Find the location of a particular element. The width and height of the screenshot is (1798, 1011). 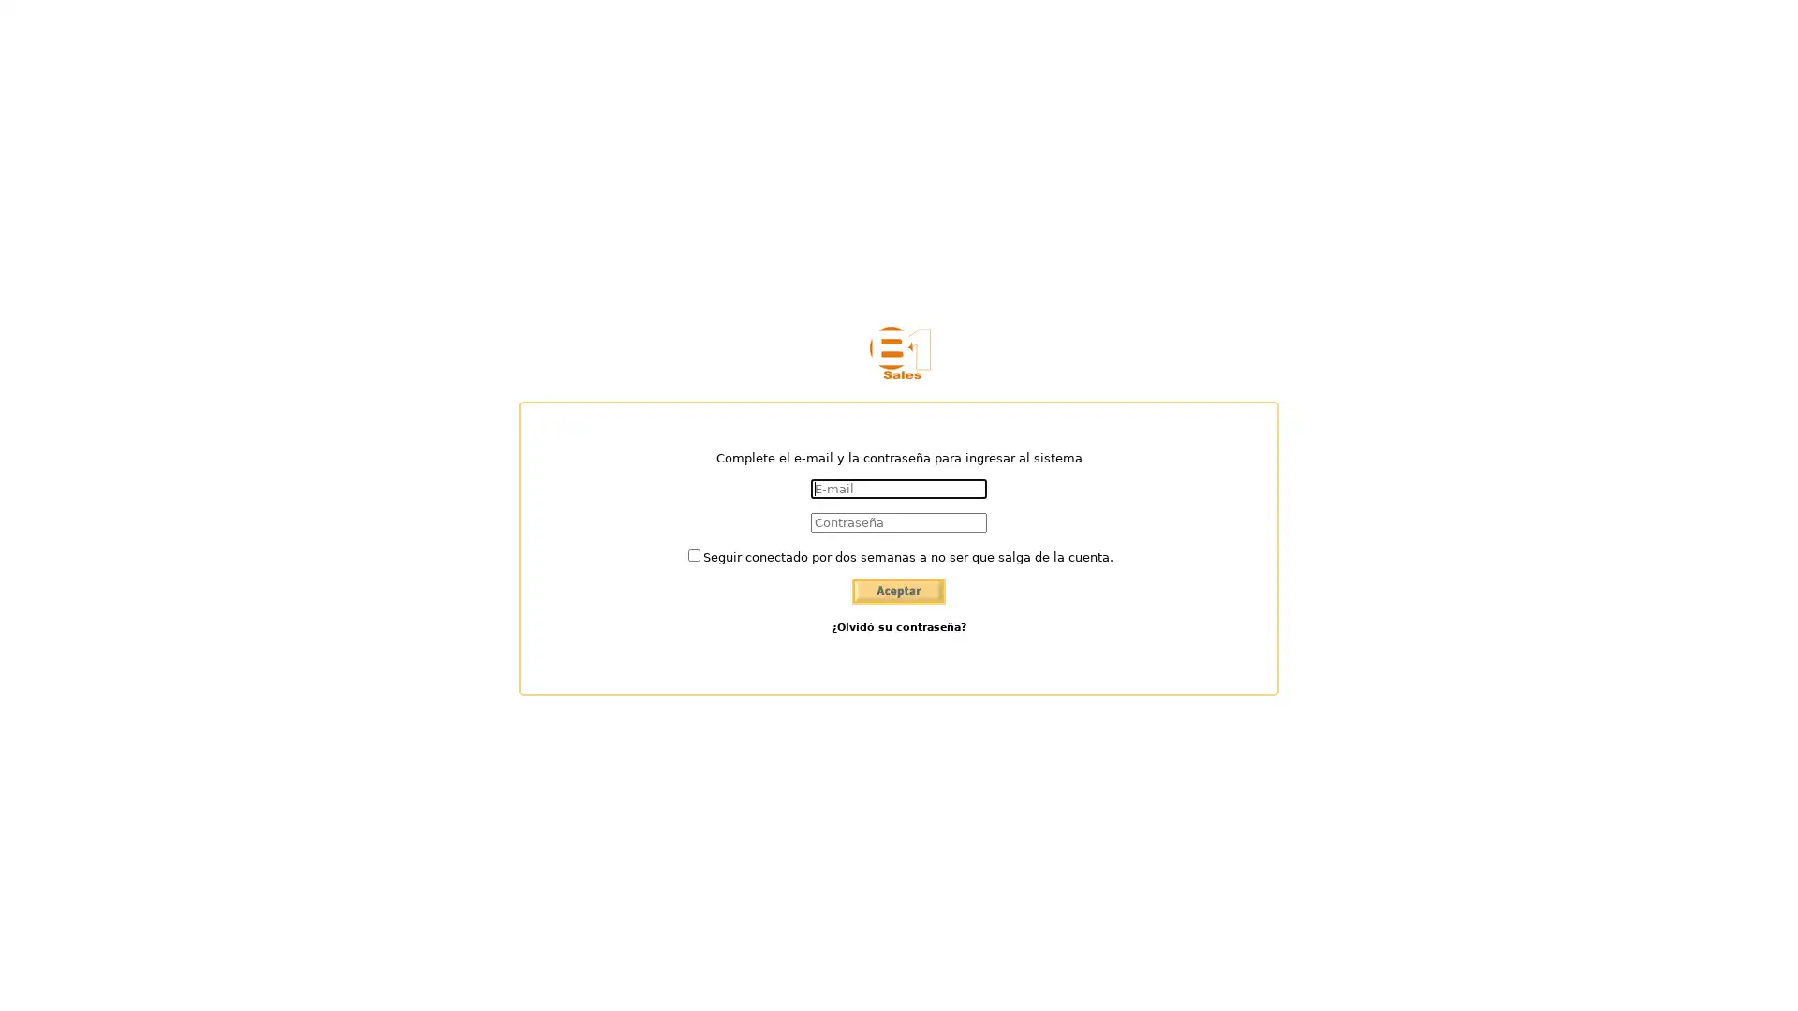

Aceptar is located at coordinates (899, 592).